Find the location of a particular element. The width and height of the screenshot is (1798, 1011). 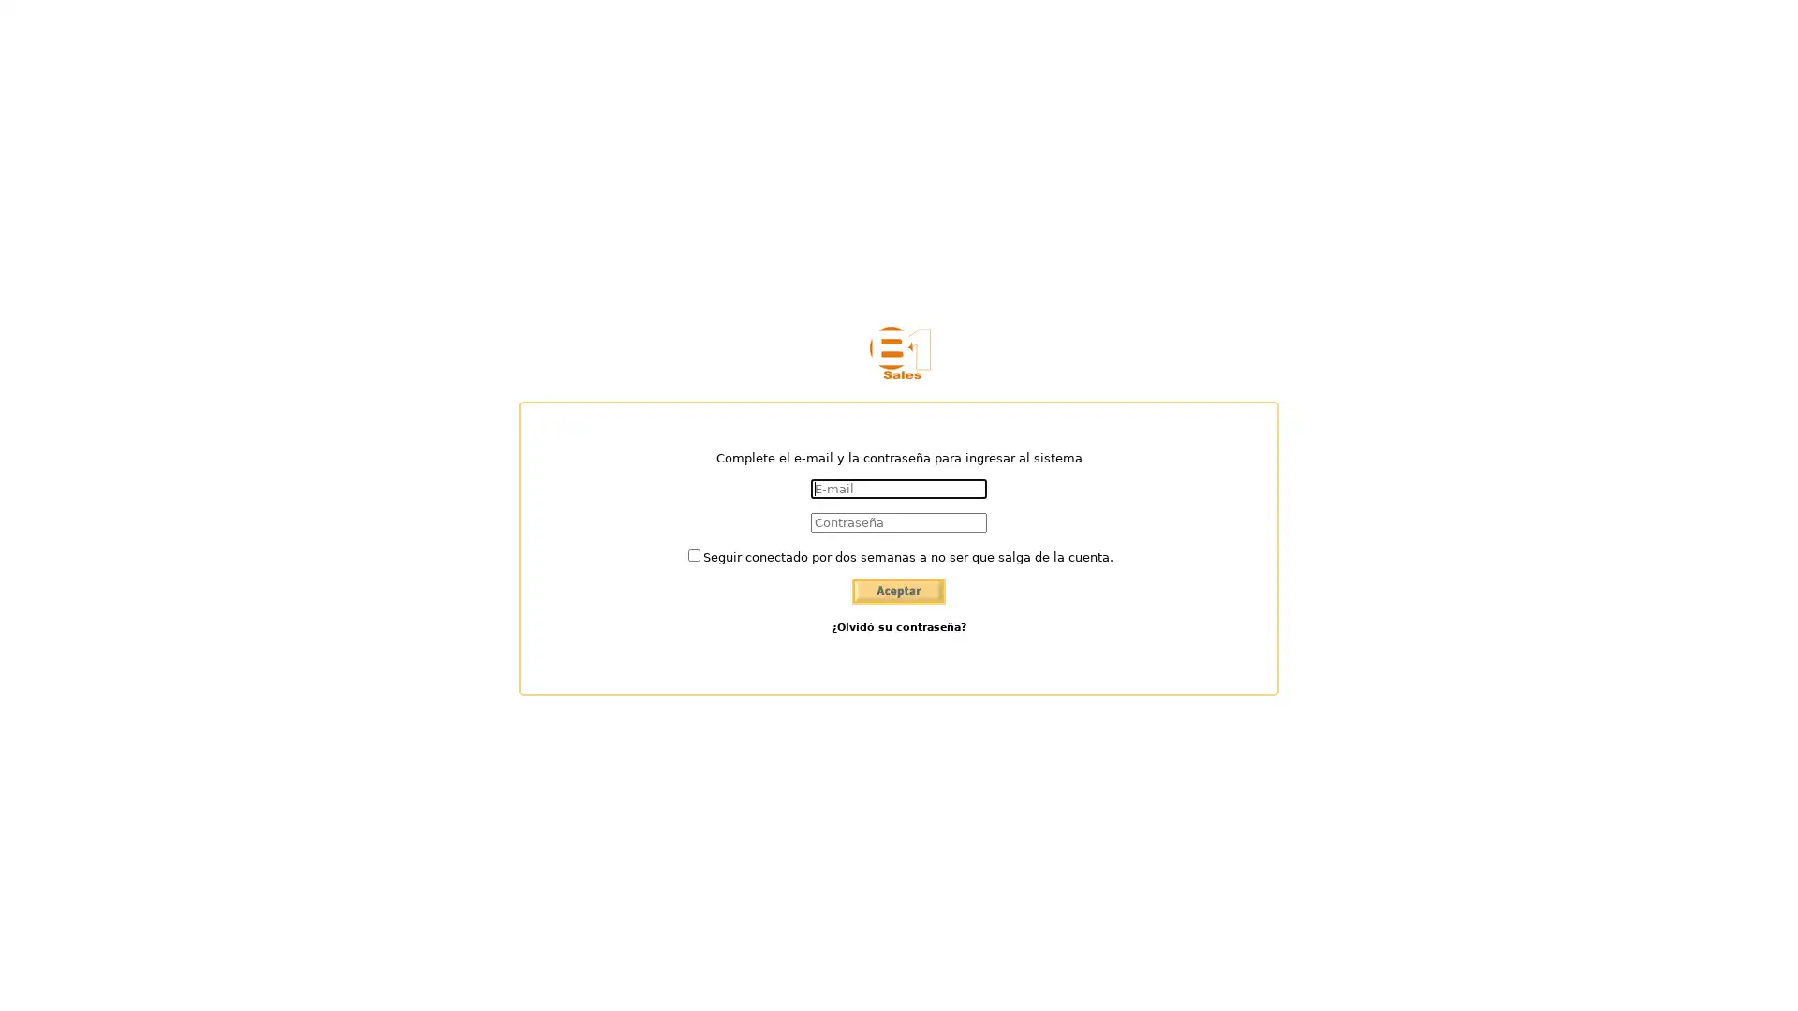

Aceptar is located at coordinates (899, 592).